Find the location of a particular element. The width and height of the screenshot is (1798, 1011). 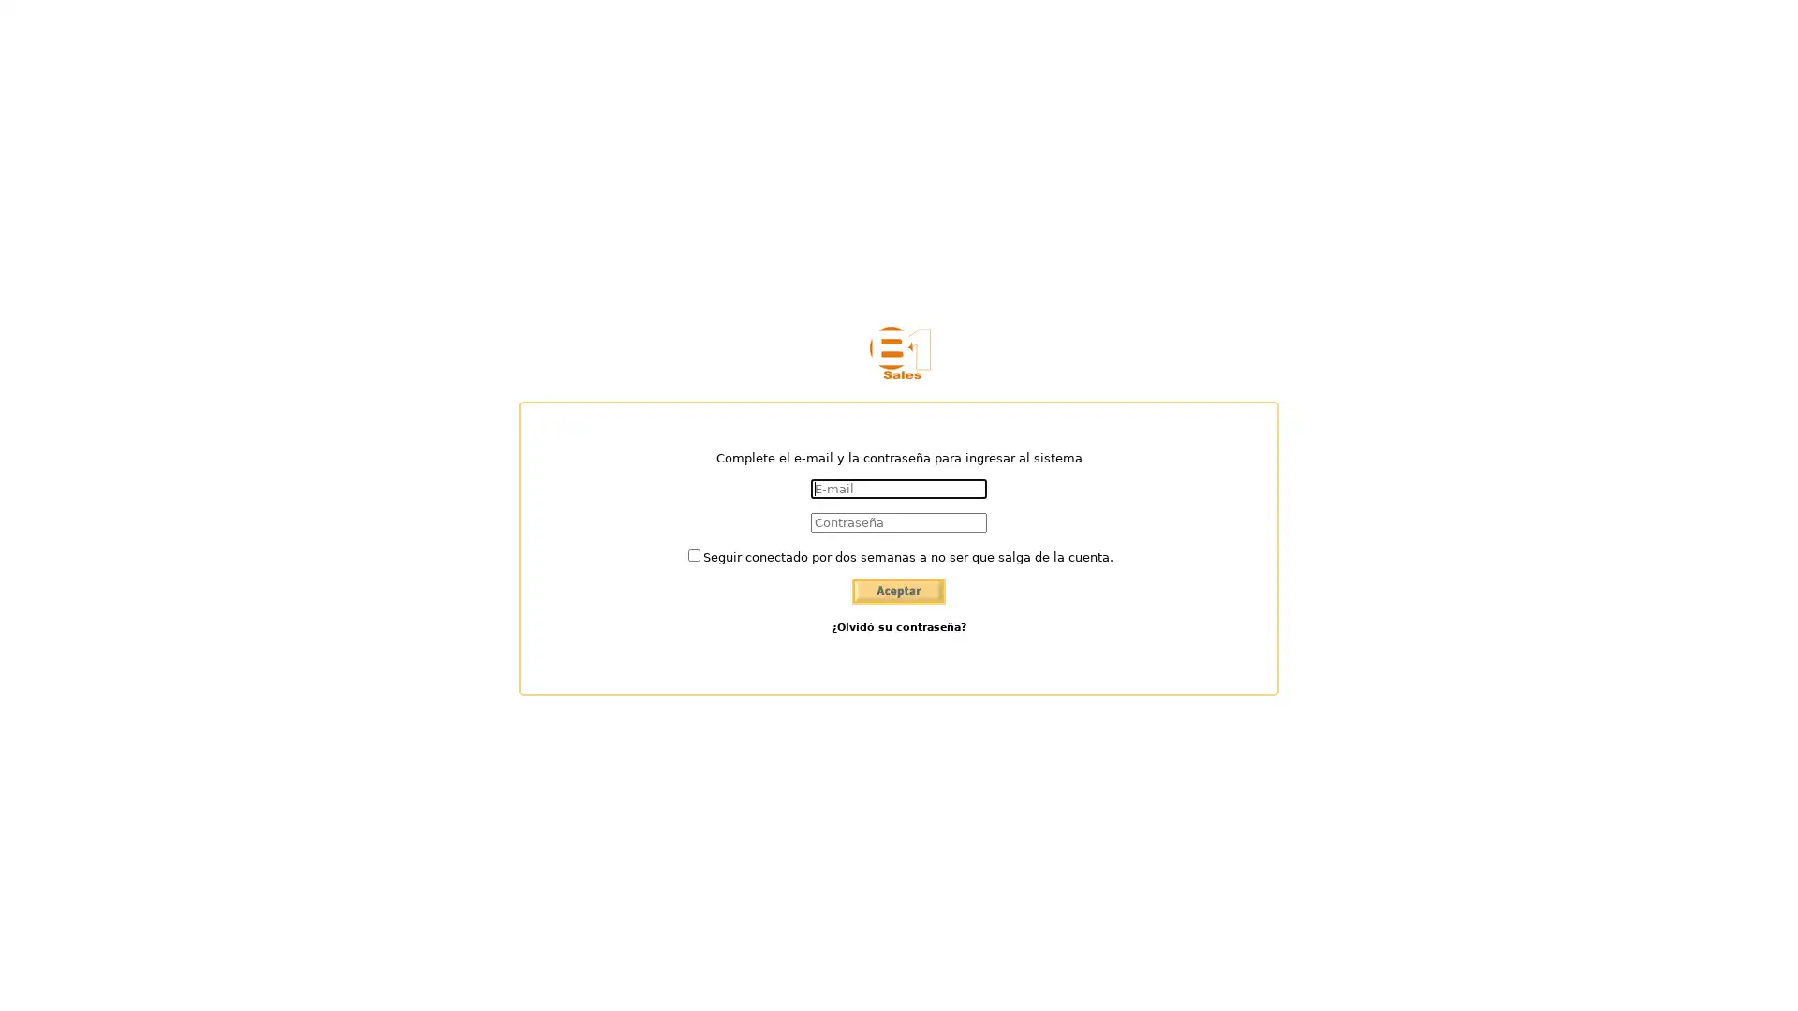

Aceptar is located at coordinates (899, 592).